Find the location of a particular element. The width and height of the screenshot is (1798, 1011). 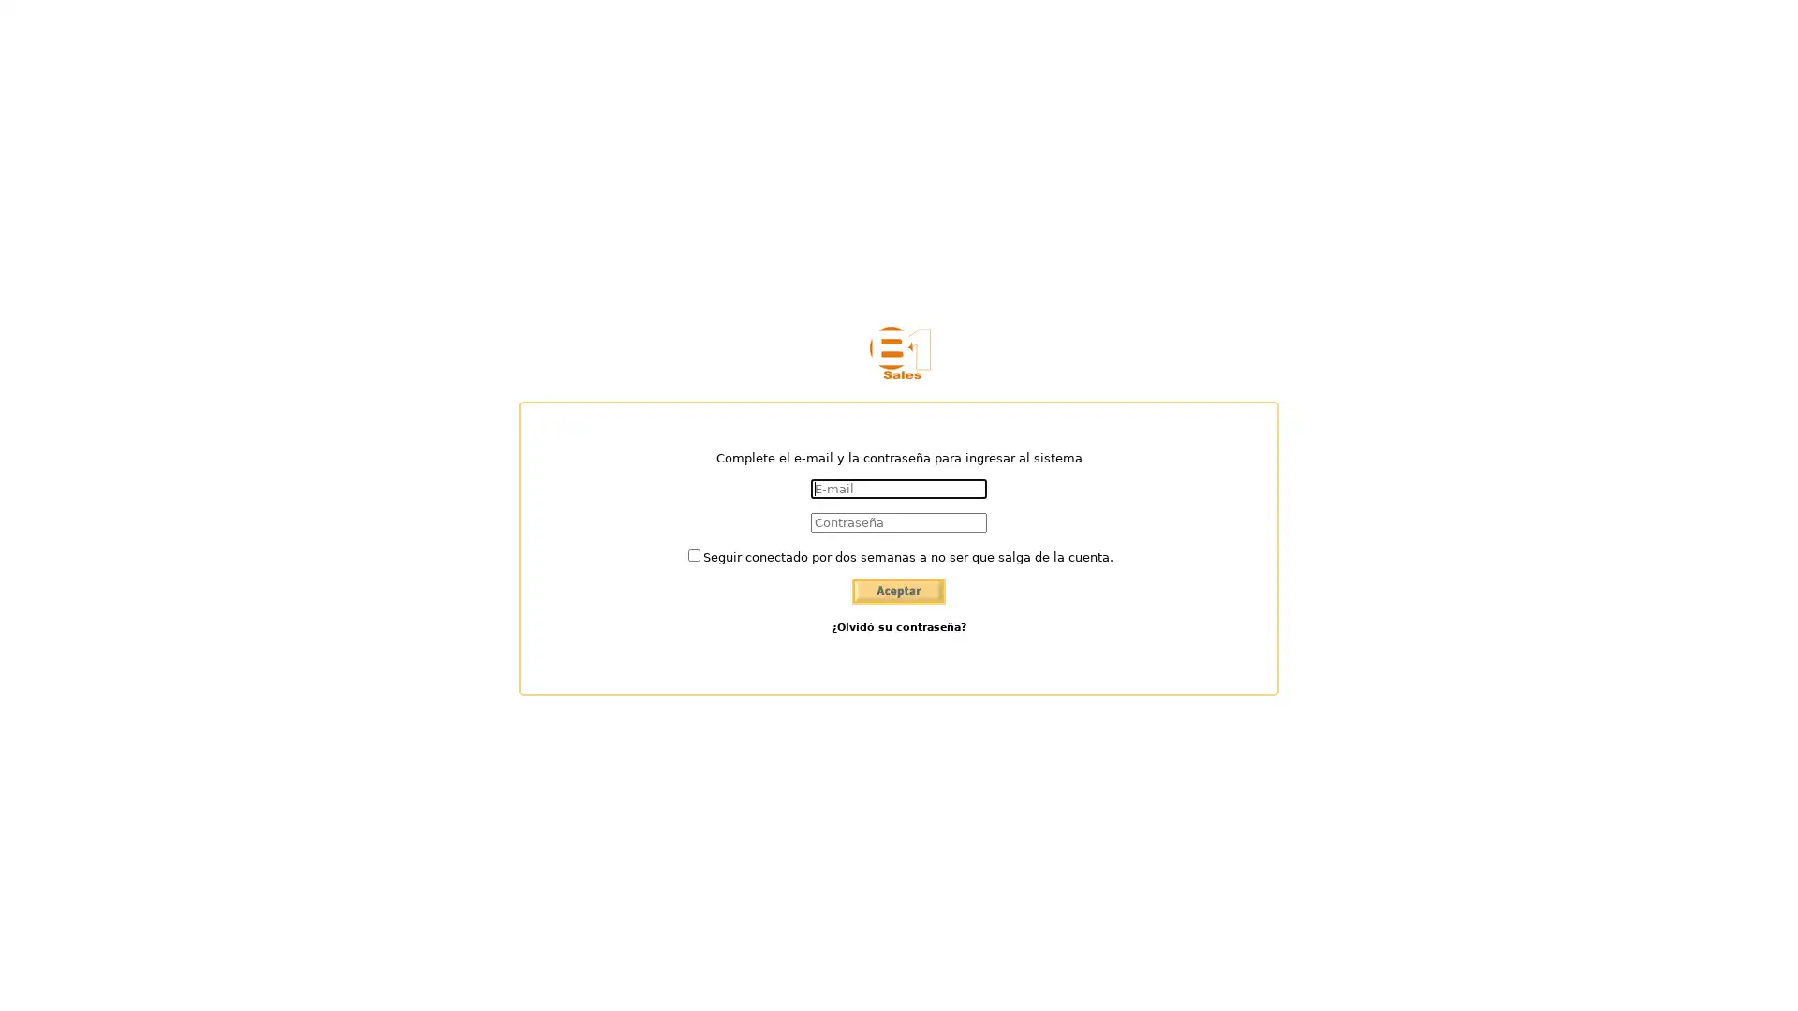

Aceptar is located at coordinates (899, 592).